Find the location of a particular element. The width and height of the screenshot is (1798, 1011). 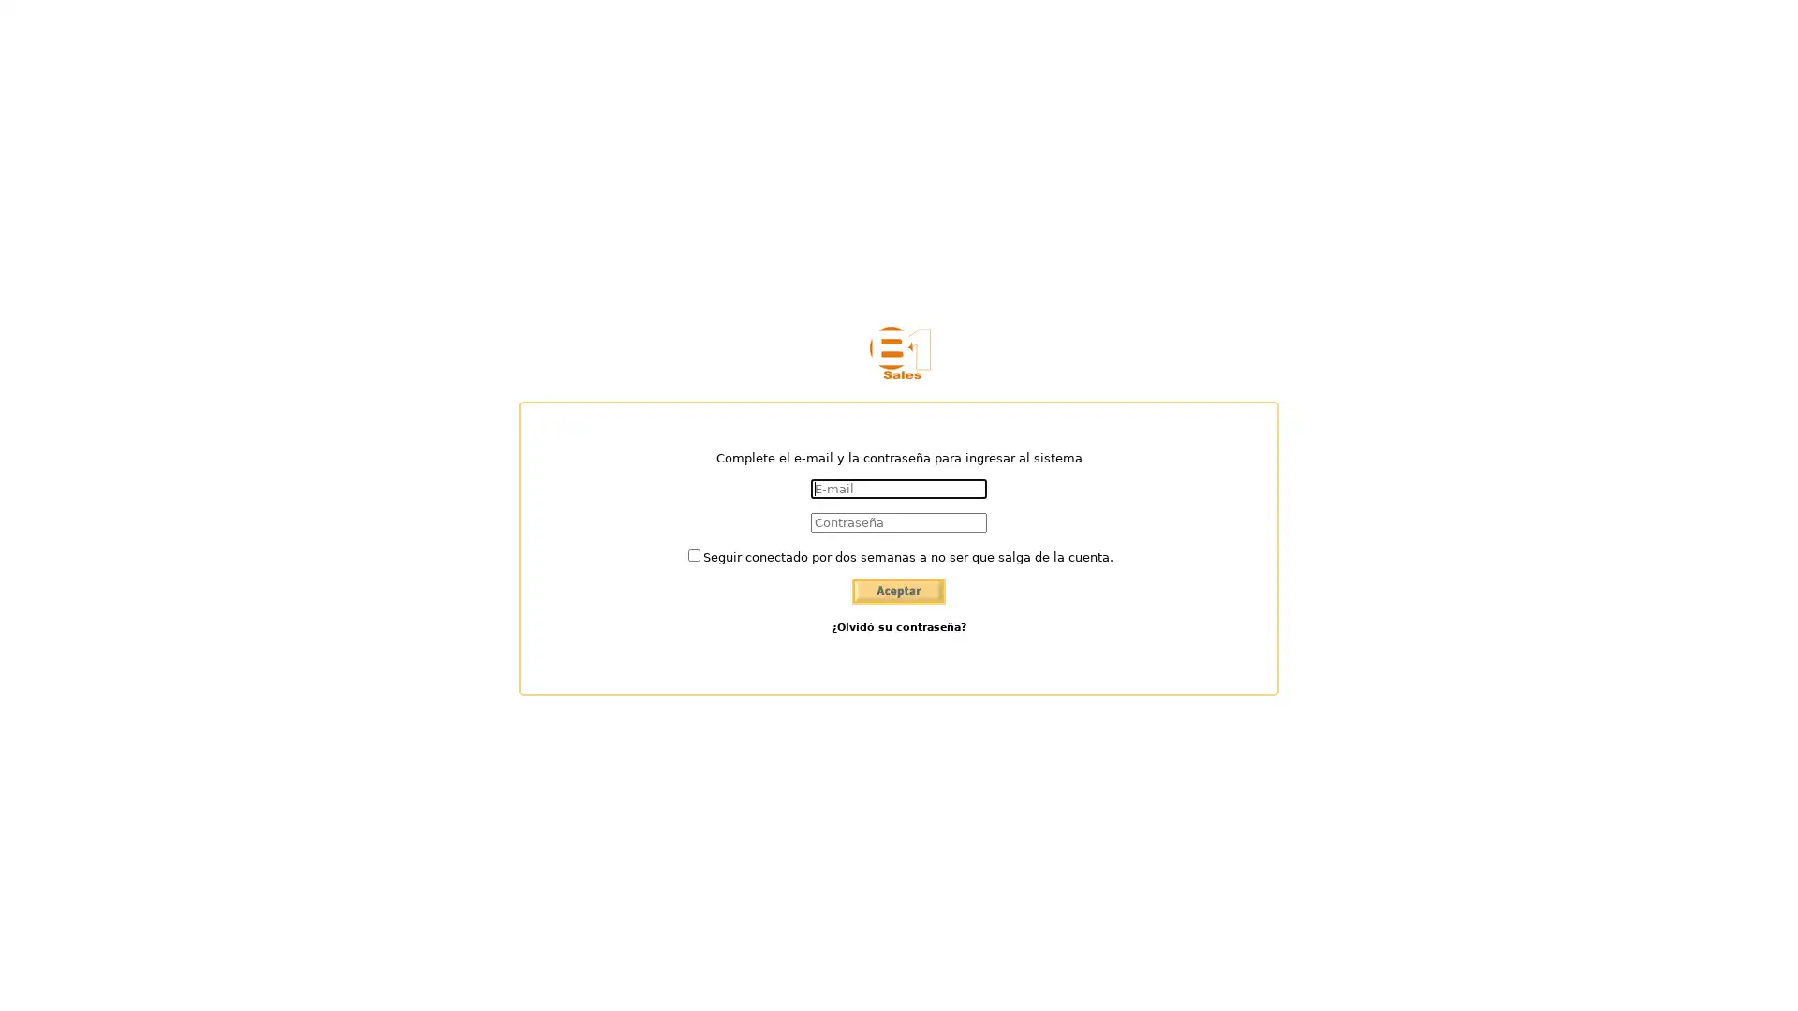

Aceptar is located at coordinates (899, 592).